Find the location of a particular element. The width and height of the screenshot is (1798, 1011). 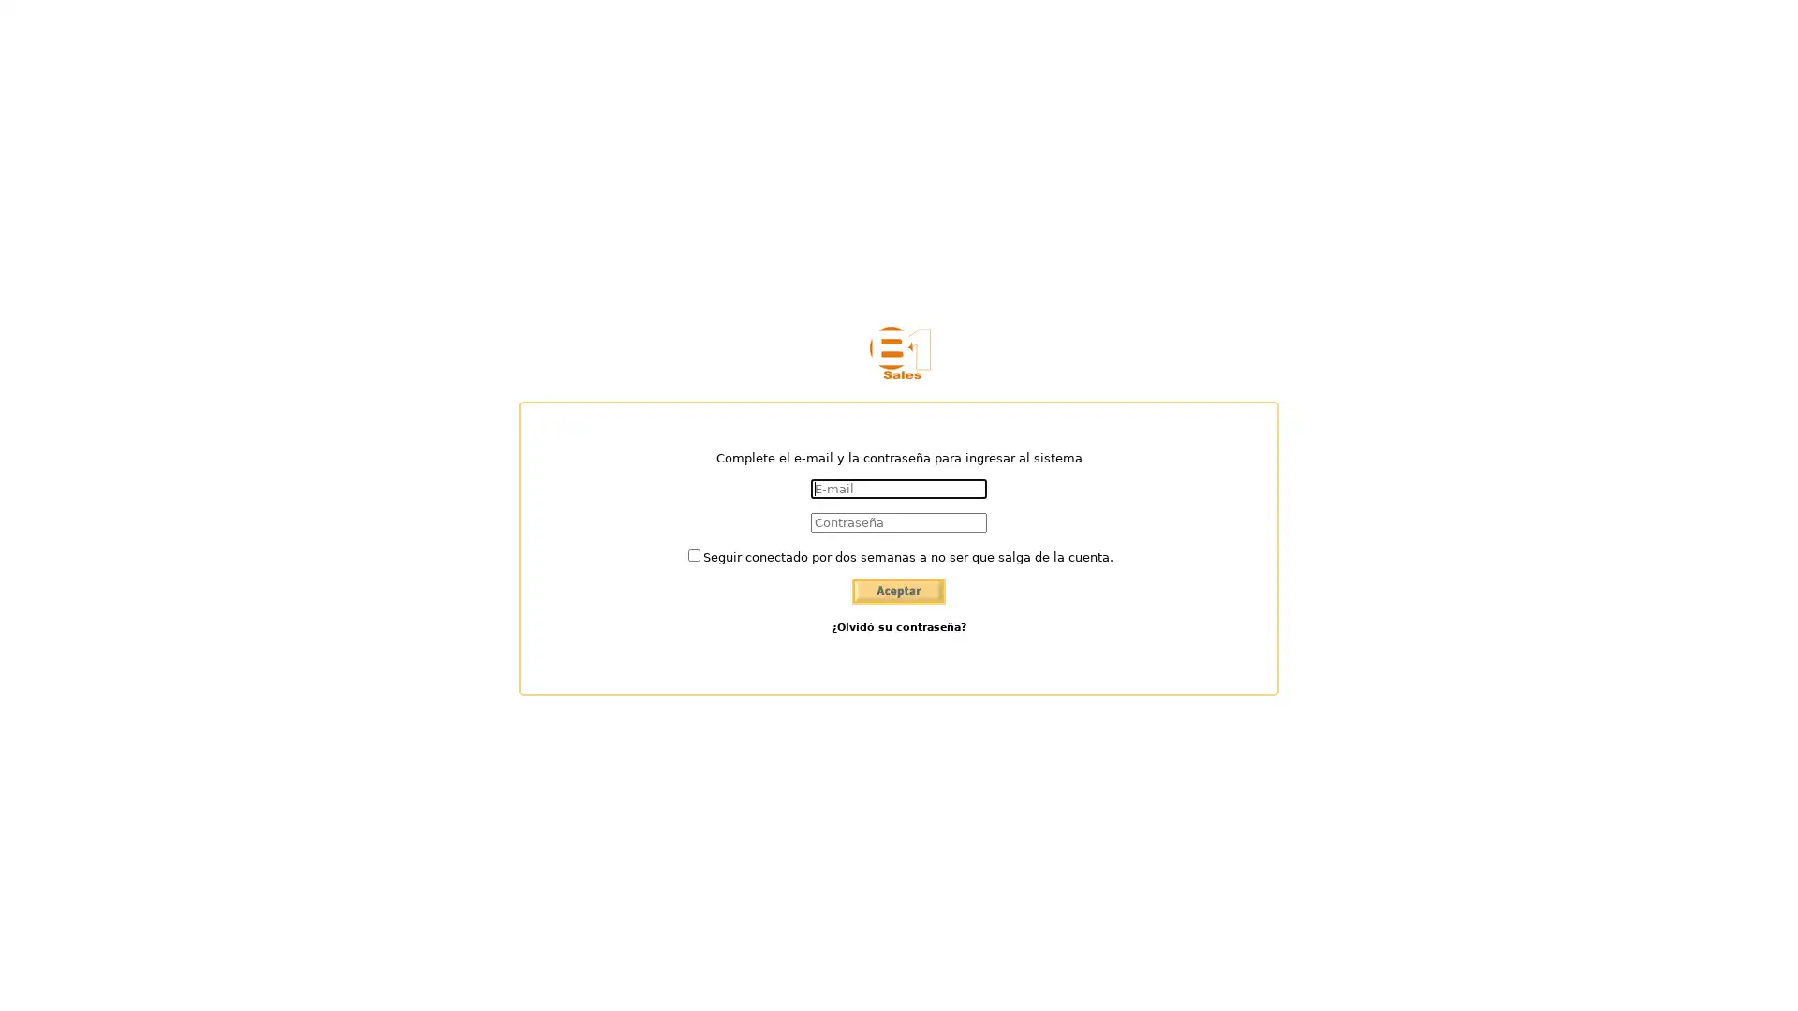

Aceptar is located at coordinates (899, 592).